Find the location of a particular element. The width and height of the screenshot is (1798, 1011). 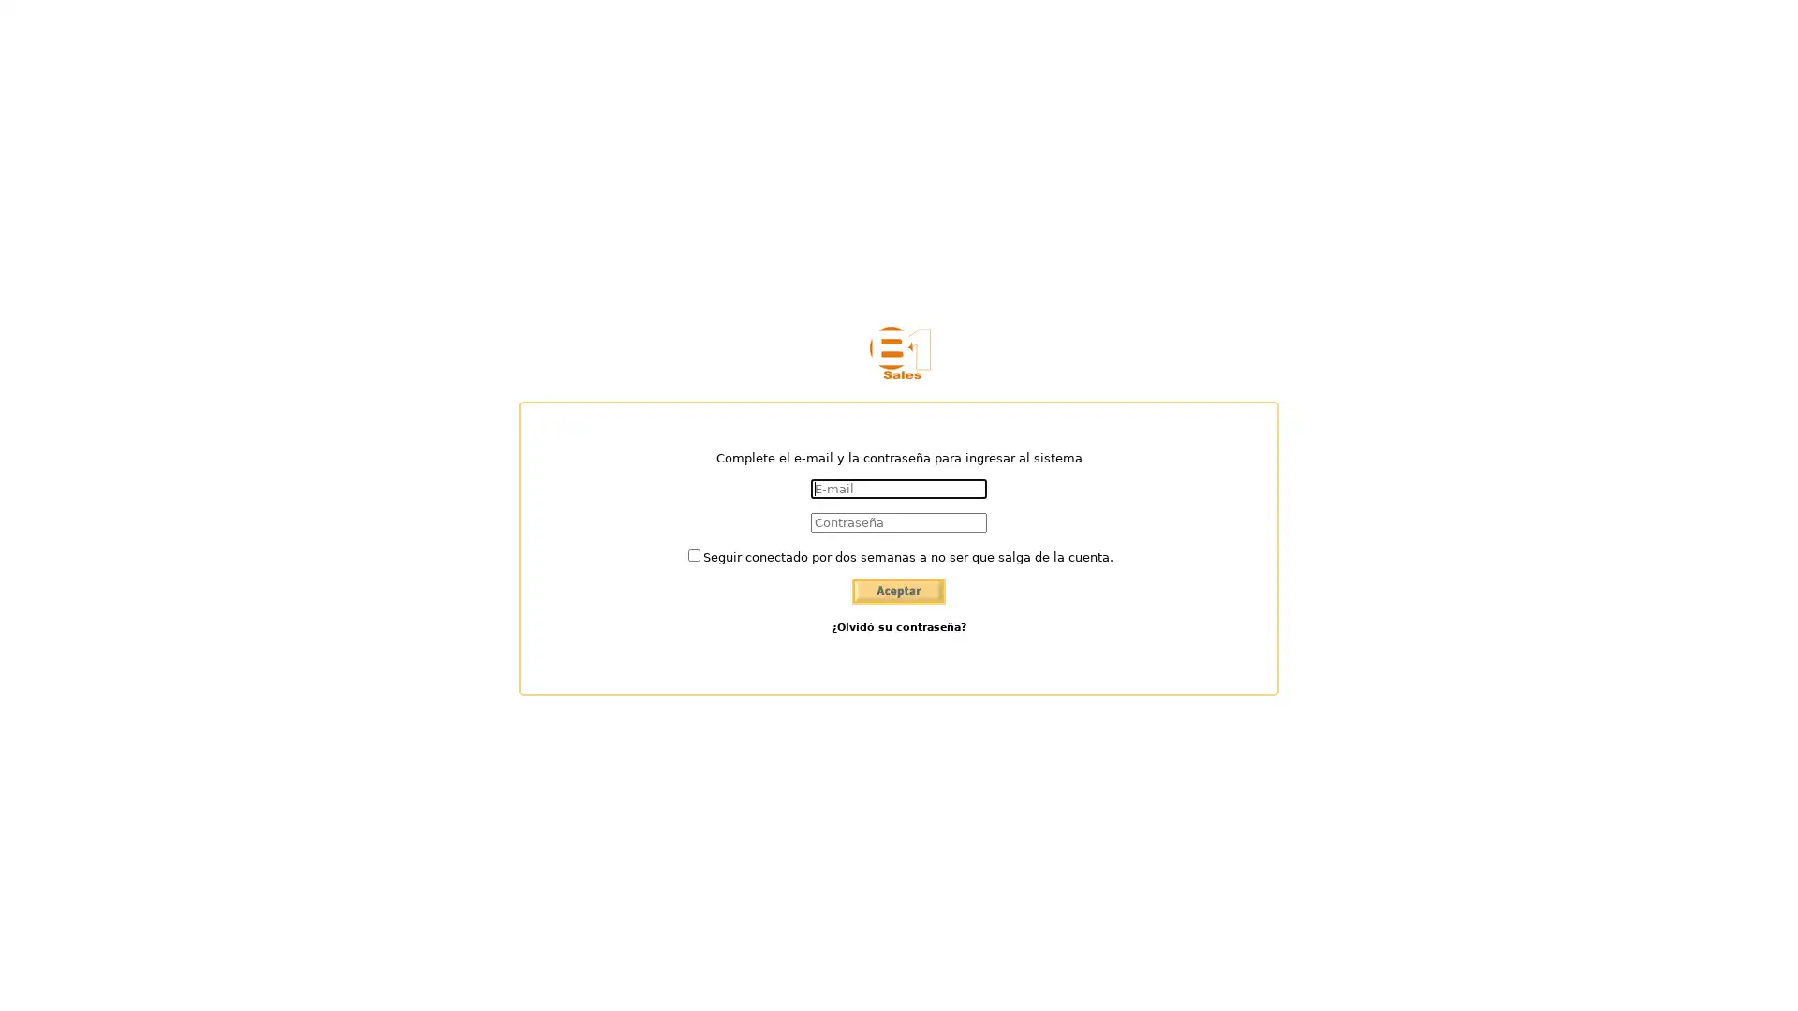

Aceptar is located at coordinates (899, 592).